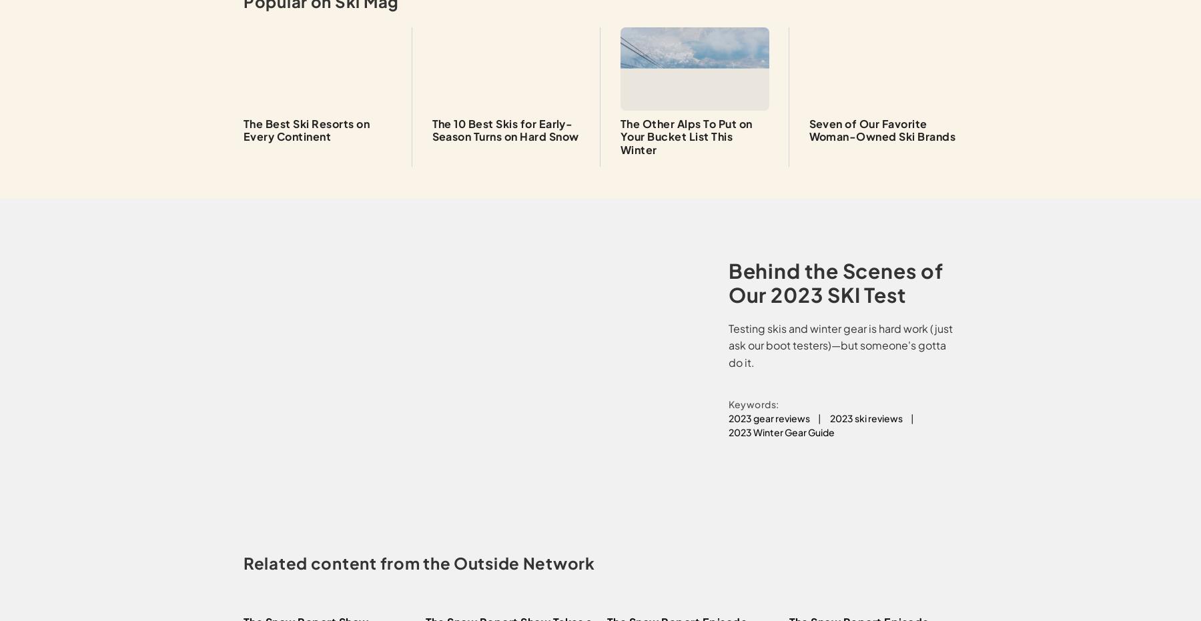  What do you see at coordinates (686, 136) in the screenshot?
I see `'The Other Alps To Put on Your Bucket List This Winter'` at bounding box center [686, 136].